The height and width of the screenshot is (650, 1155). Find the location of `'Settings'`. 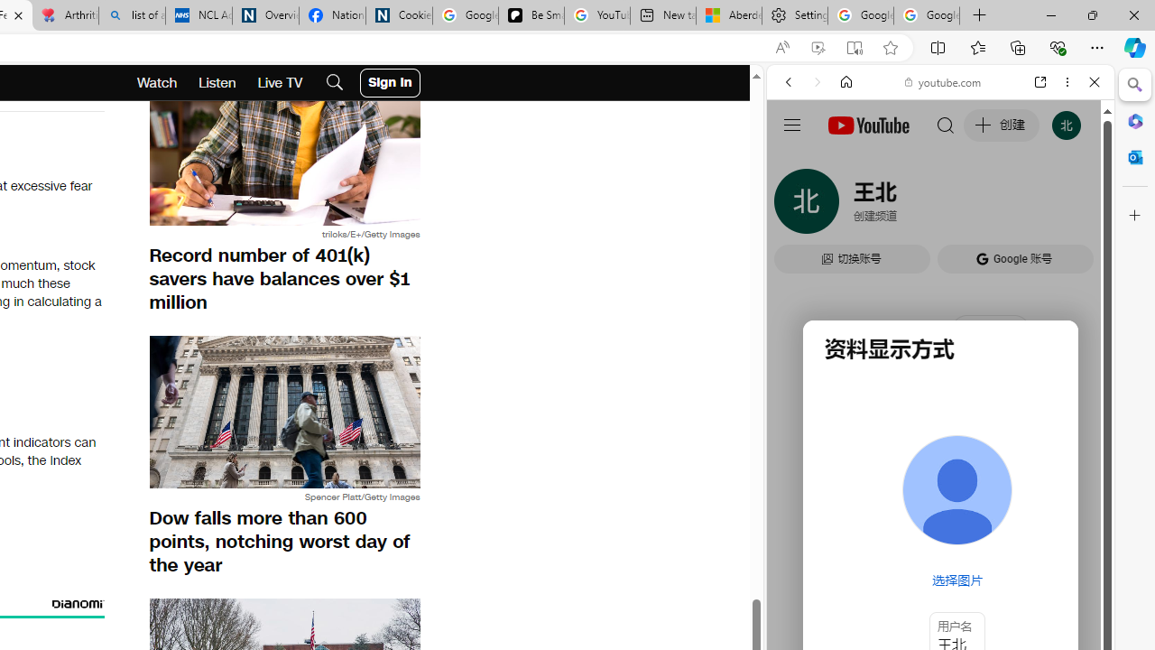

'Settings' is located at coordinates (794, 15).